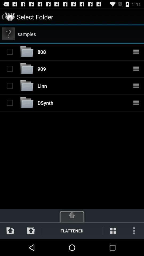 The height and width of the screenshot is (256, 144). I want to click on folder, so click(27, 68).